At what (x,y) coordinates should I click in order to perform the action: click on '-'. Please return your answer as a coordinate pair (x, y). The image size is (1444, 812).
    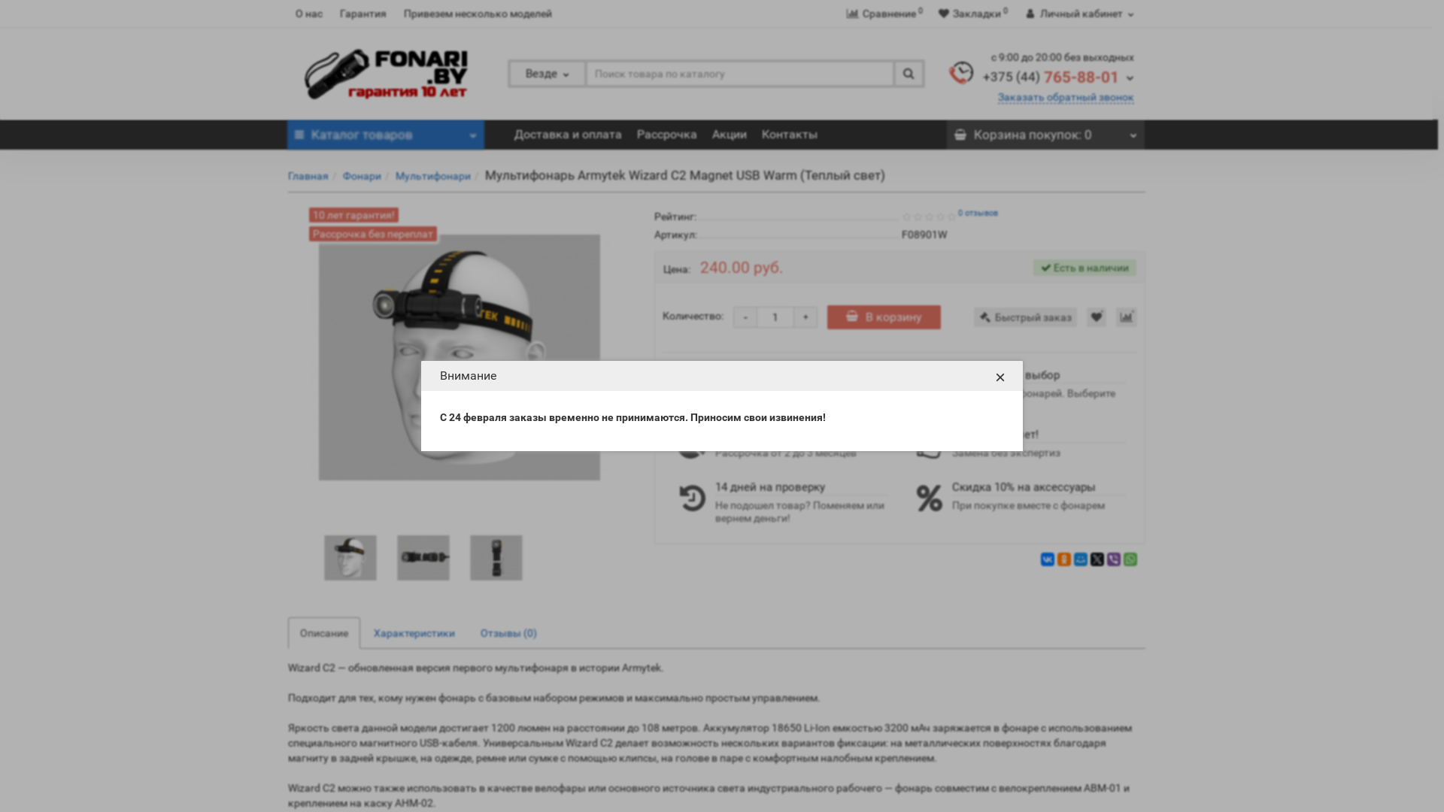
    Looking at the image, I should click on (745, 316).